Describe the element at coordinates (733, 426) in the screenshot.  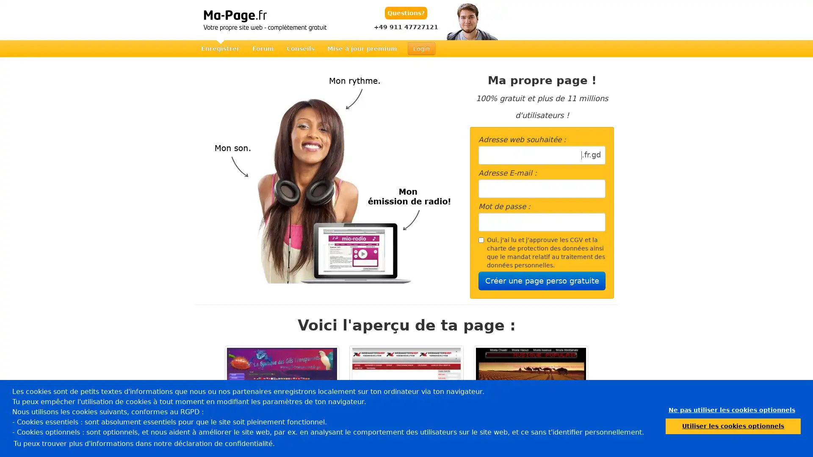
I see `allow cookies` at that location.